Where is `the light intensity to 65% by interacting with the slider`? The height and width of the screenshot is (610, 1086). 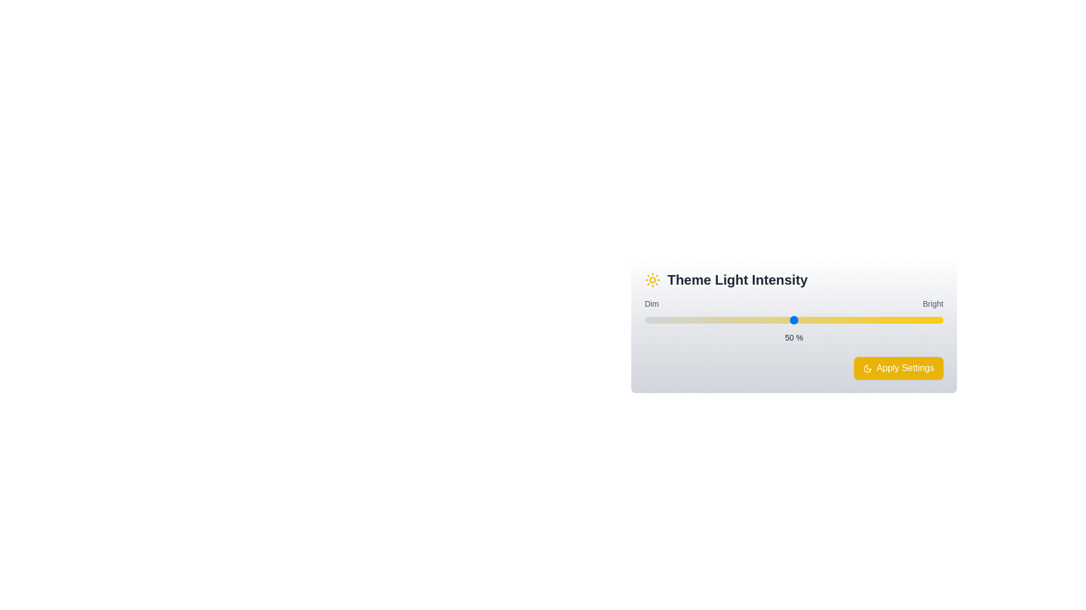 the light intensity to 65% by interacting with the slider is located at coordinates (839, 320).